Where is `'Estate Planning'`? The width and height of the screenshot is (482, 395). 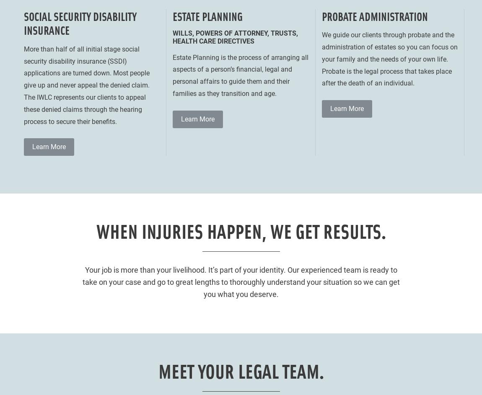
'Estate Planning' is located at coordinates (207, 15).